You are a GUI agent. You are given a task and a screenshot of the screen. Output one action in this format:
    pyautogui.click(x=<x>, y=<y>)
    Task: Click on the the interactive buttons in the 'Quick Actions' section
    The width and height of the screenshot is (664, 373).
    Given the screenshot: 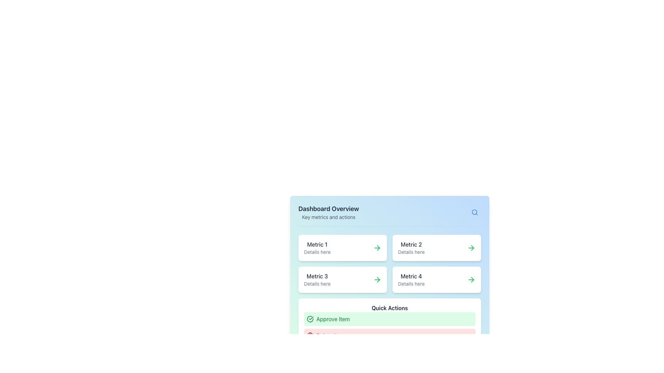 What is the action you would take?
    pyautogui.click(x=390, y=327)
    